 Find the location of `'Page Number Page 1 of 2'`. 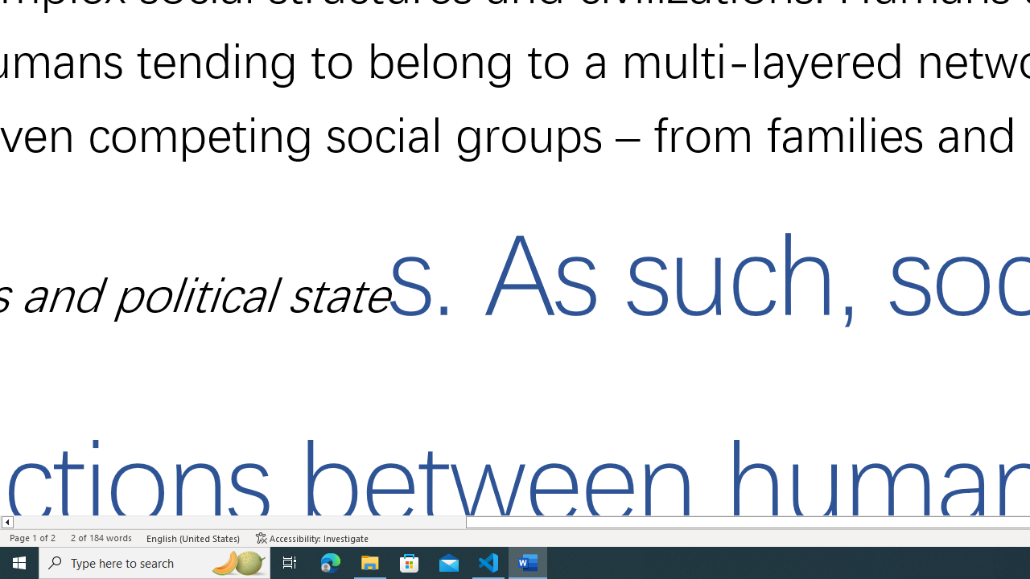

'Page Number Page 1 of 2' is located at coordinates (32, 538).